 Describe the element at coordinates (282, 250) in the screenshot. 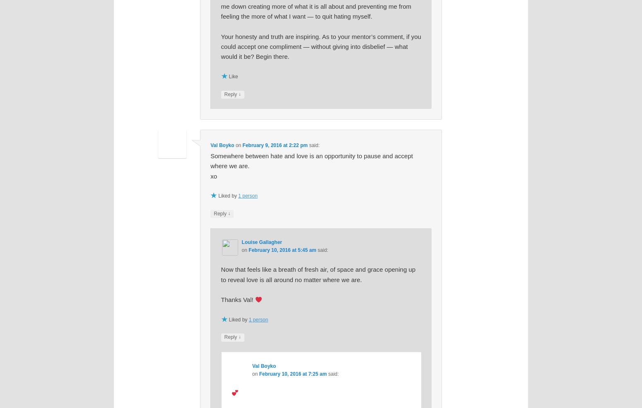

I see `'February 10, 2016 at 5:45 am'` at that location.